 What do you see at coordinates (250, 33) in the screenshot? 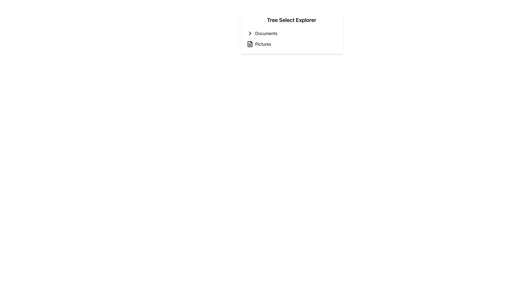
I see `the expand icon located to the left of the 'Documents' label` at bounding box center [250, 33].